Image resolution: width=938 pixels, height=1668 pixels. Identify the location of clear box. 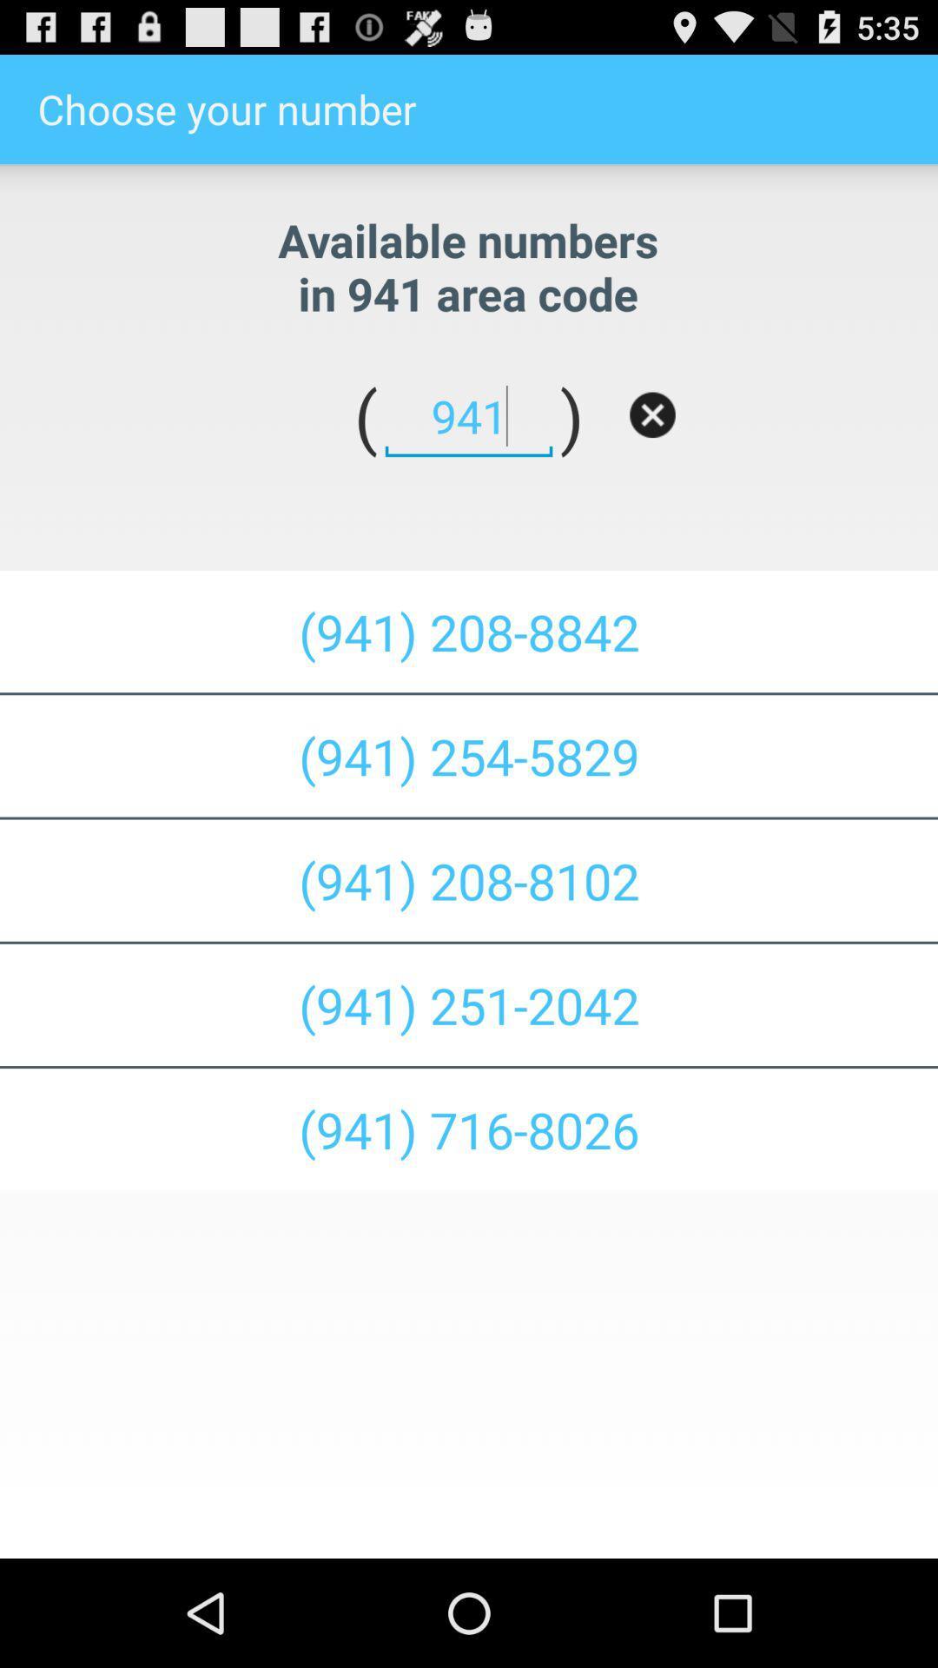
(652, 414).